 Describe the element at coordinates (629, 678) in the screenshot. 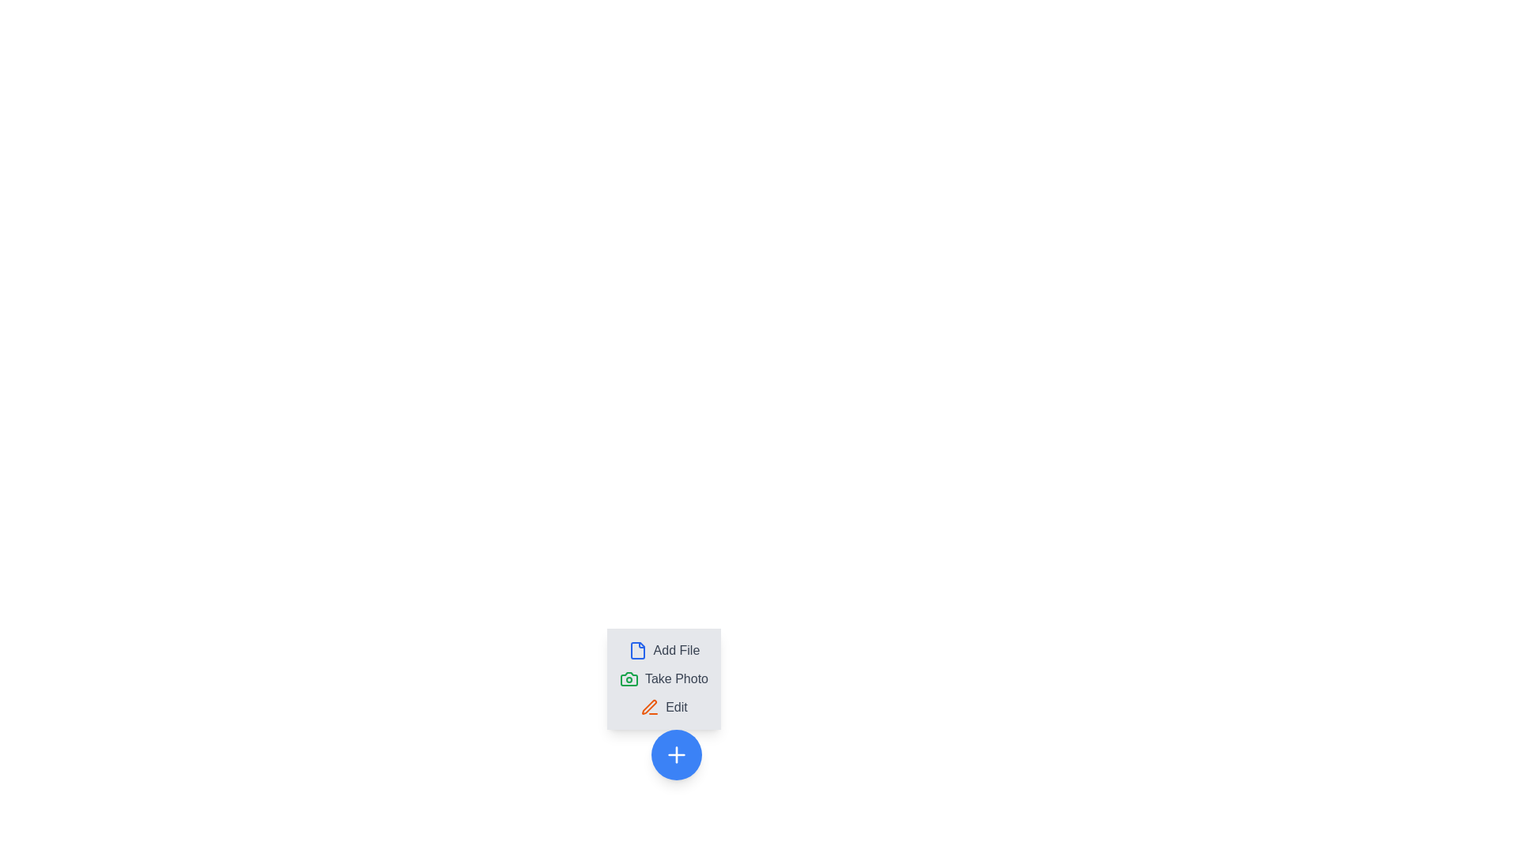

I see `the camera icon with a green outline located to the left of the 'Take Photo' button in the menu list` at that location.